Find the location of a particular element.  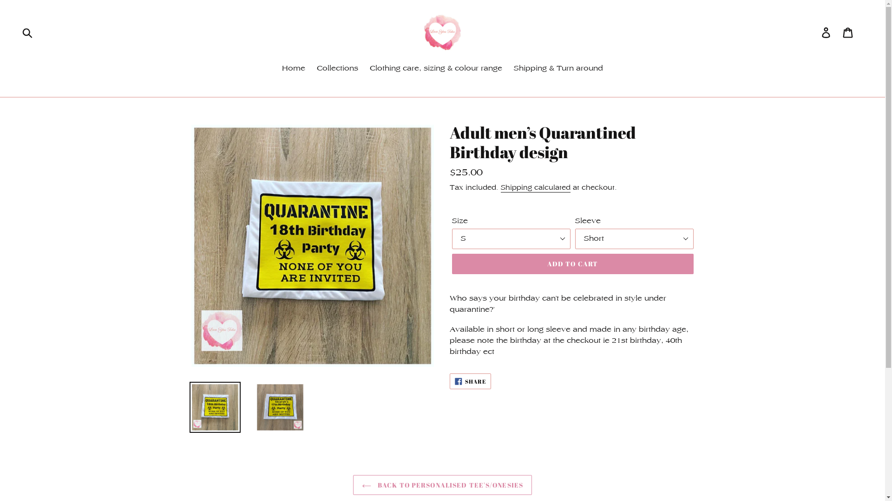

'Shipping calculated' is located at coordinates (535, 188).